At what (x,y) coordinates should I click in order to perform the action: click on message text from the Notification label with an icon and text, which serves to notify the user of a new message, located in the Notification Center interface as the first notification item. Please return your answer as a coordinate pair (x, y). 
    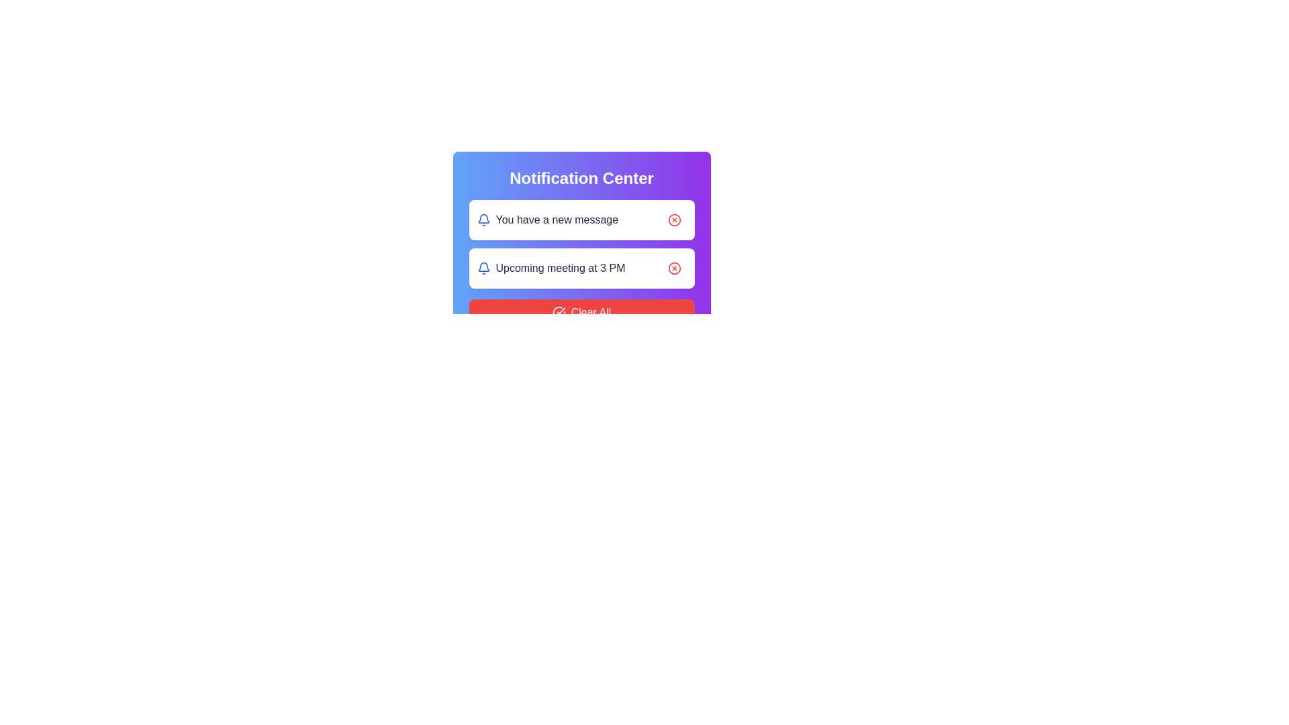
    Looking at the image, I should click on (547, 219).